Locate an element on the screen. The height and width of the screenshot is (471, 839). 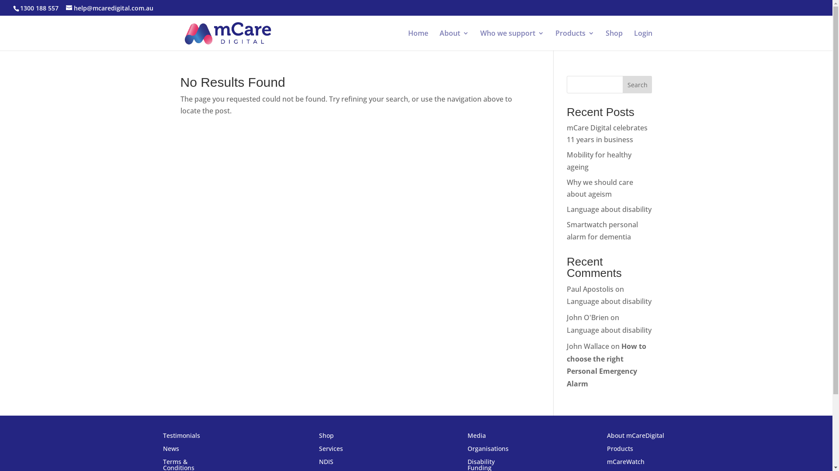
'Smartwatch personal alarm for dementia' is located at coordinates (602, 230).